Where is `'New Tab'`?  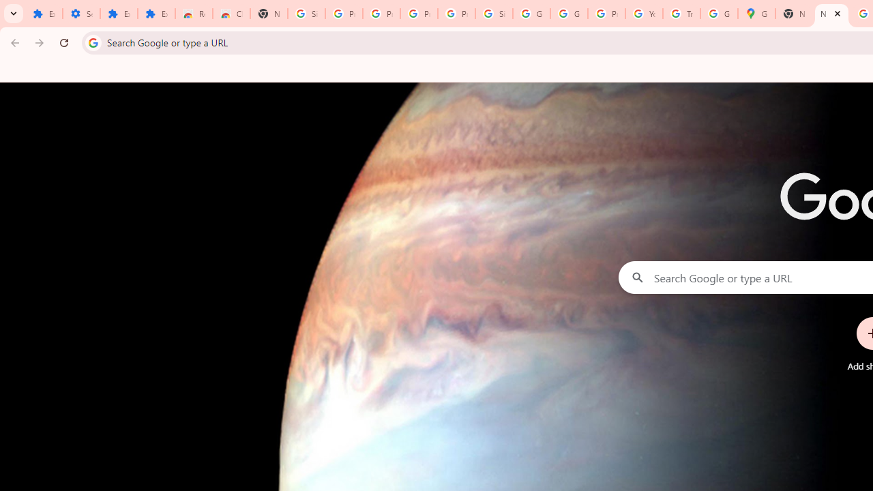
'New Tab' is located at coordinates (831, 14).